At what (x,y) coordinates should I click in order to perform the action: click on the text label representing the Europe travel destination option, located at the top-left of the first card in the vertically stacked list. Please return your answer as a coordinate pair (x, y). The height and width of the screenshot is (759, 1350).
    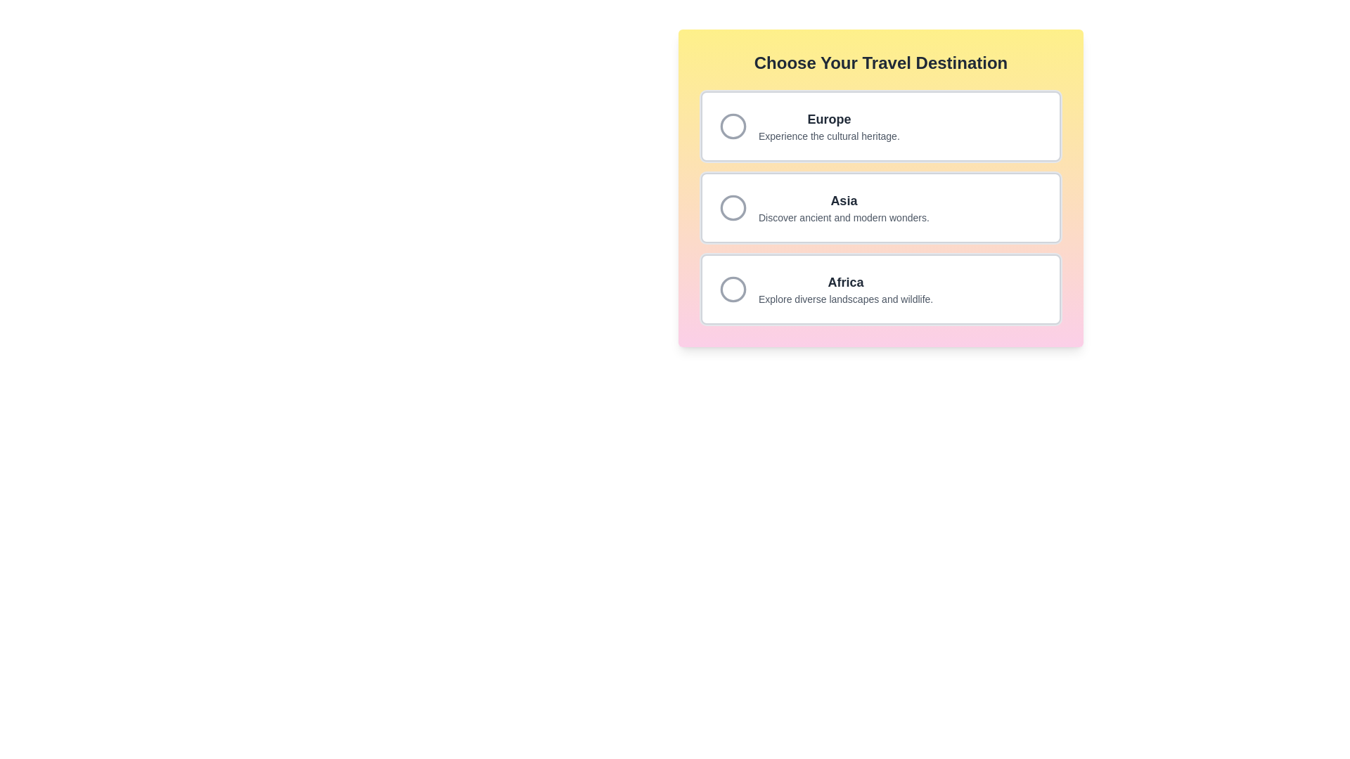
    Looking at the image, I should click on (829, 118).